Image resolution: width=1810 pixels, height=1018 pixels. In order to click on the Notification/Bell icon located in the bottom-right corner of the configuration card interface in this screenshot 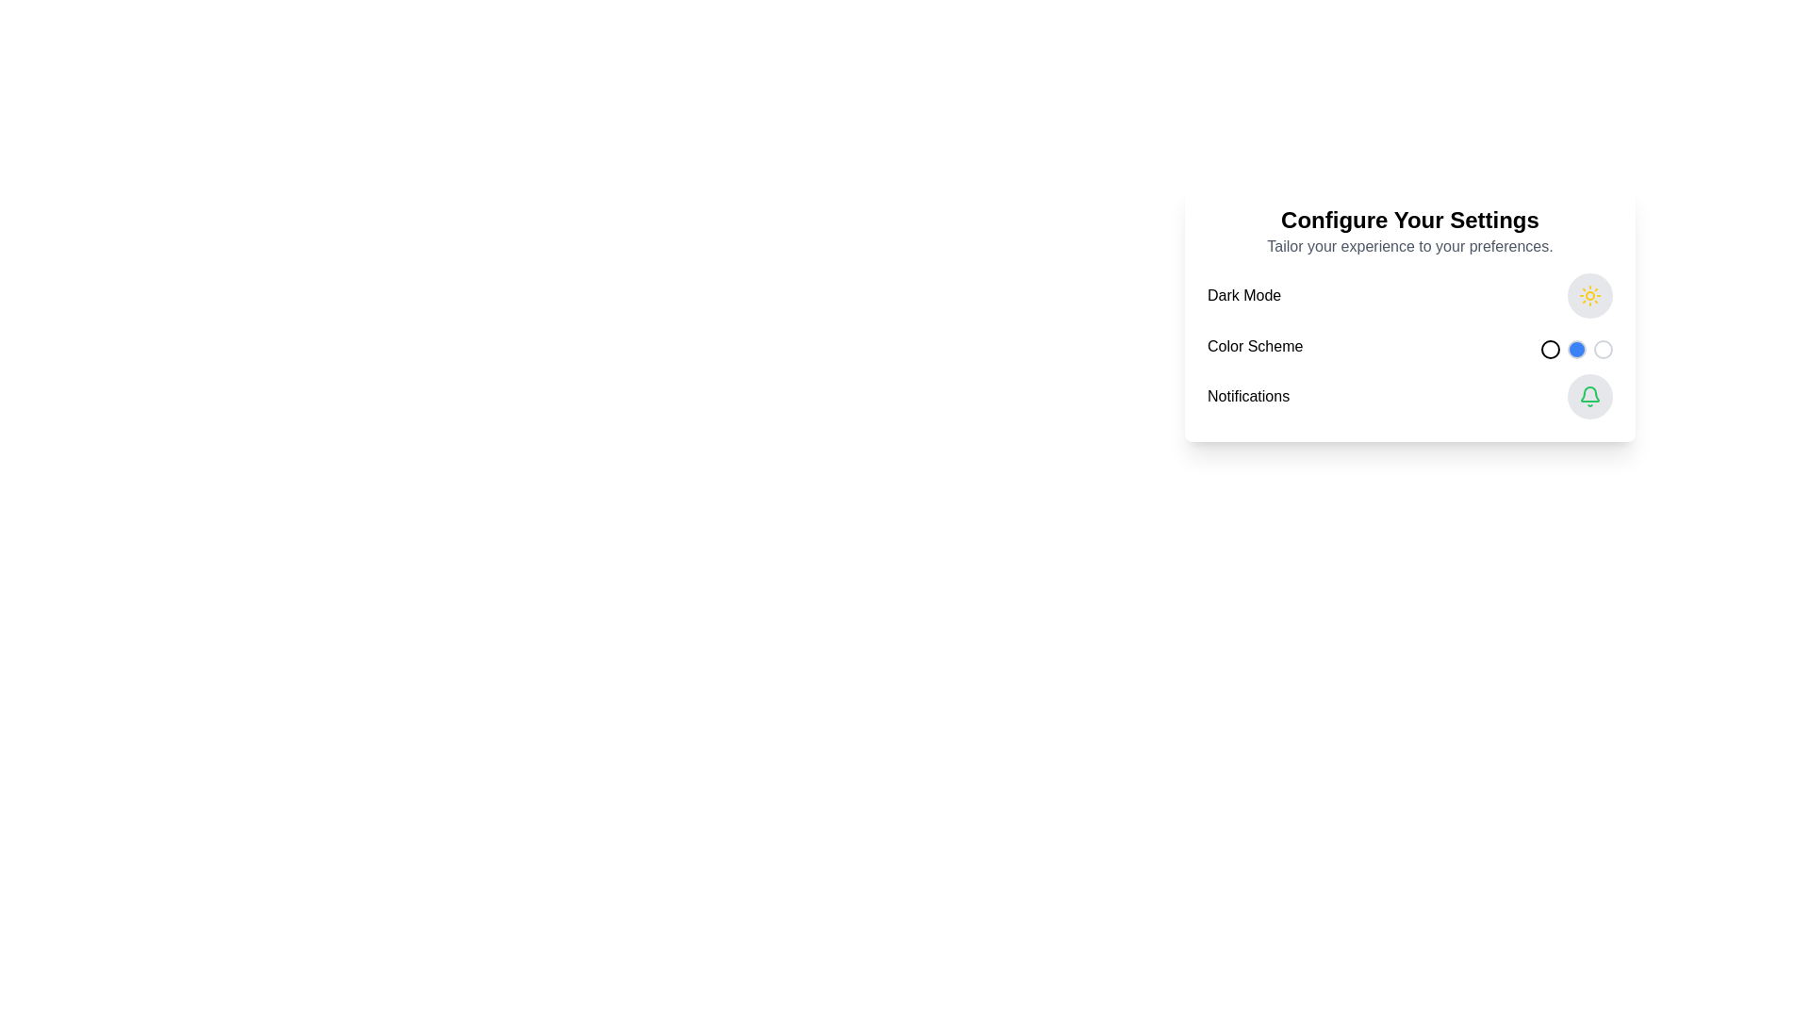, I will do `click(1588, 393)`.